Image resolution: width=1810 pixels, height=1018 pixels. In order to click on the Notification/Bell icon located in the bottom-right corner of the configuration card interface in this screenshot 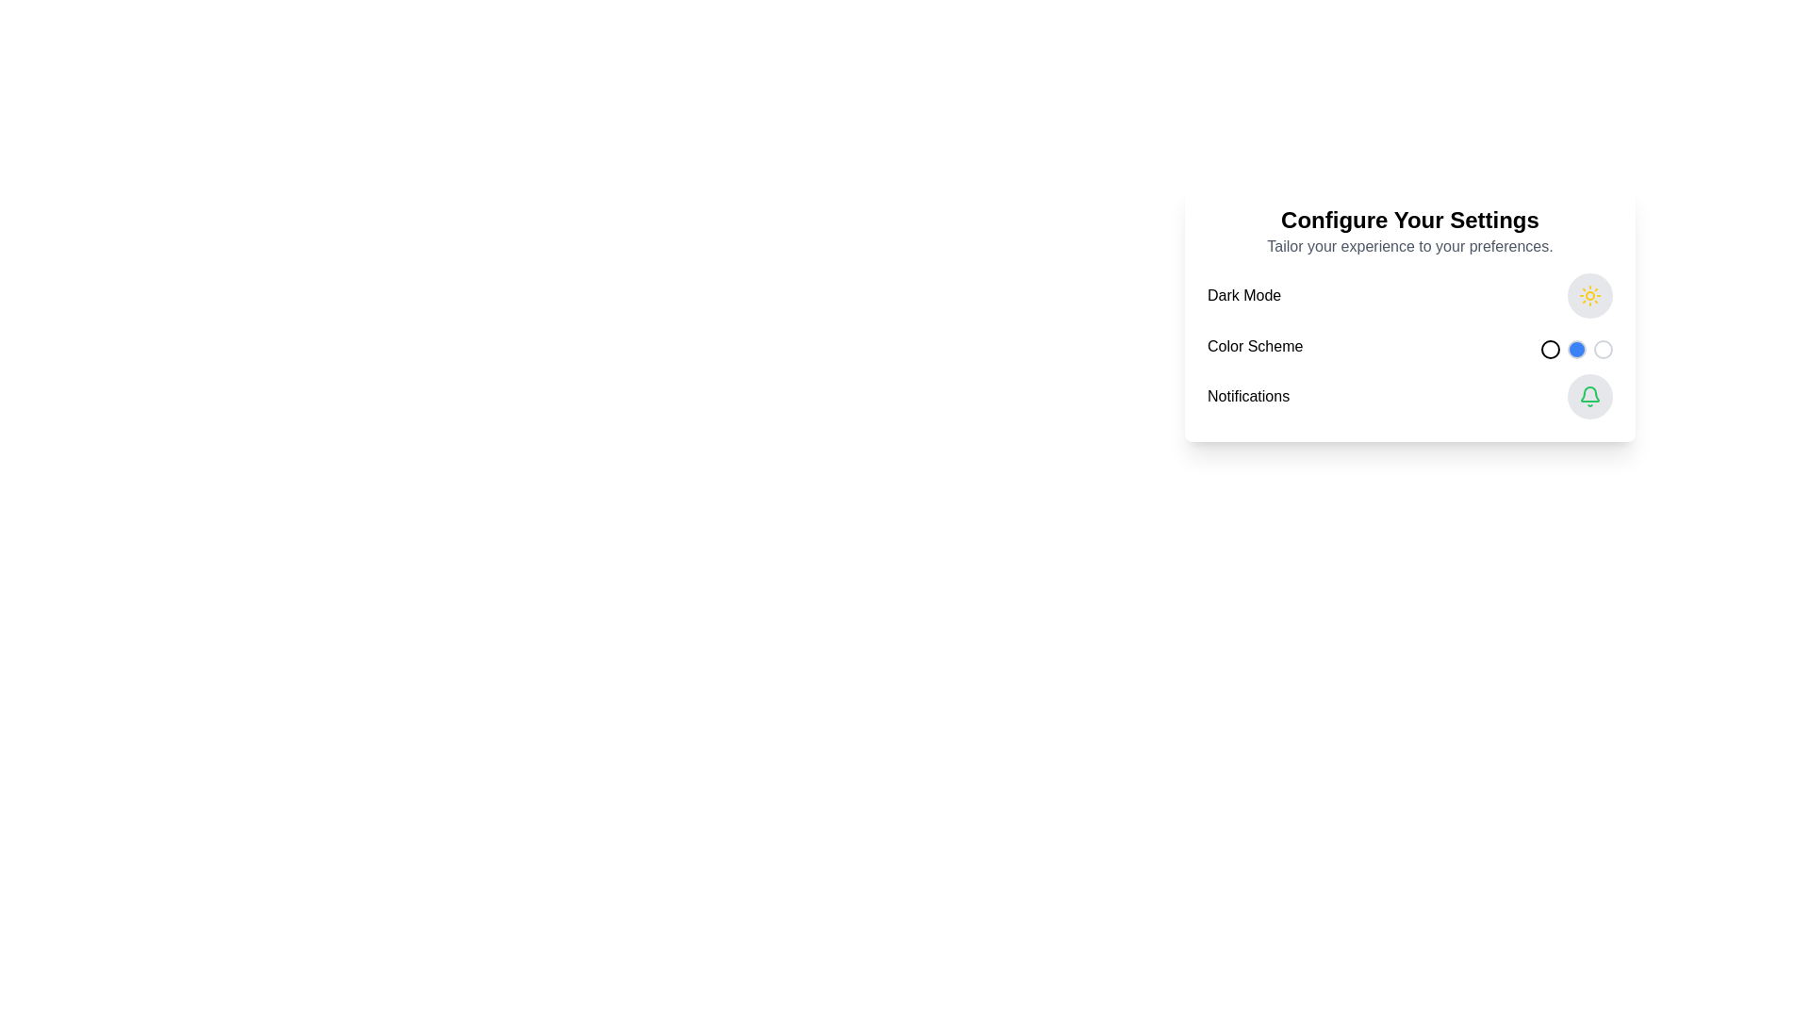, I will do `click(1588, 393)`.